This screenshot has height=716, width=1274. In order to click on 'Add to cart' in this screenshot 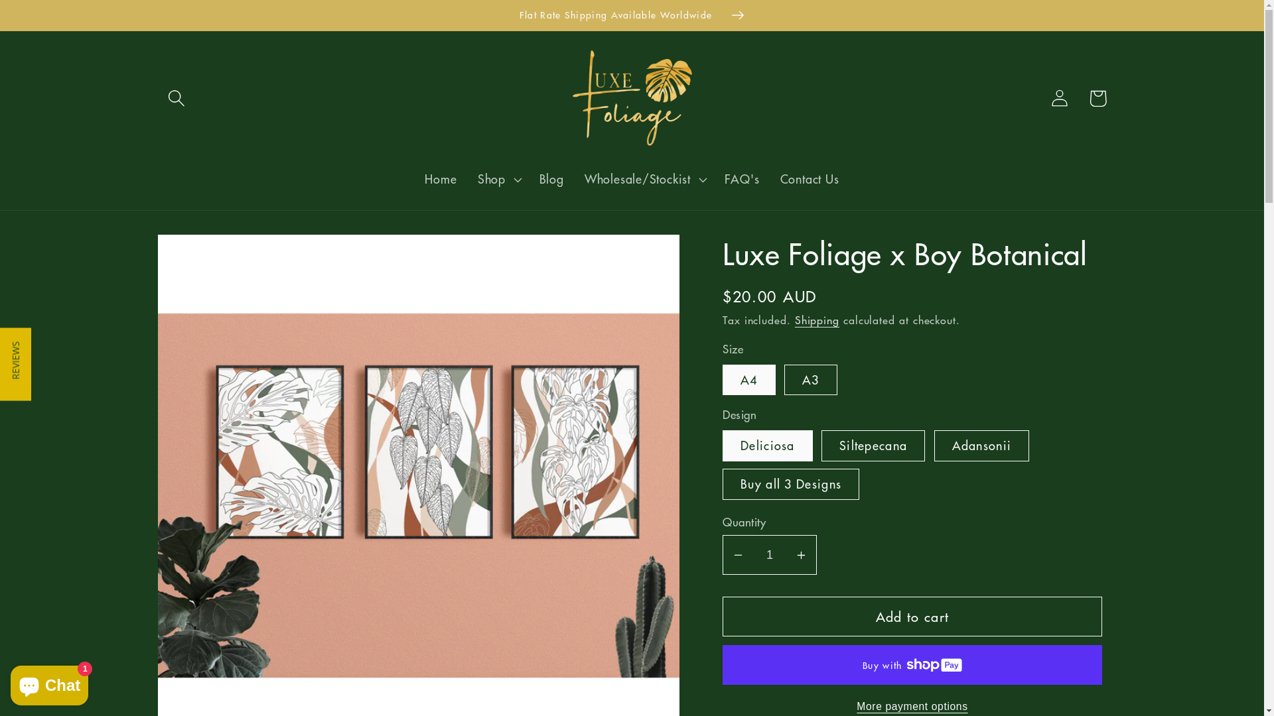, I will do `click(911, 617)`.